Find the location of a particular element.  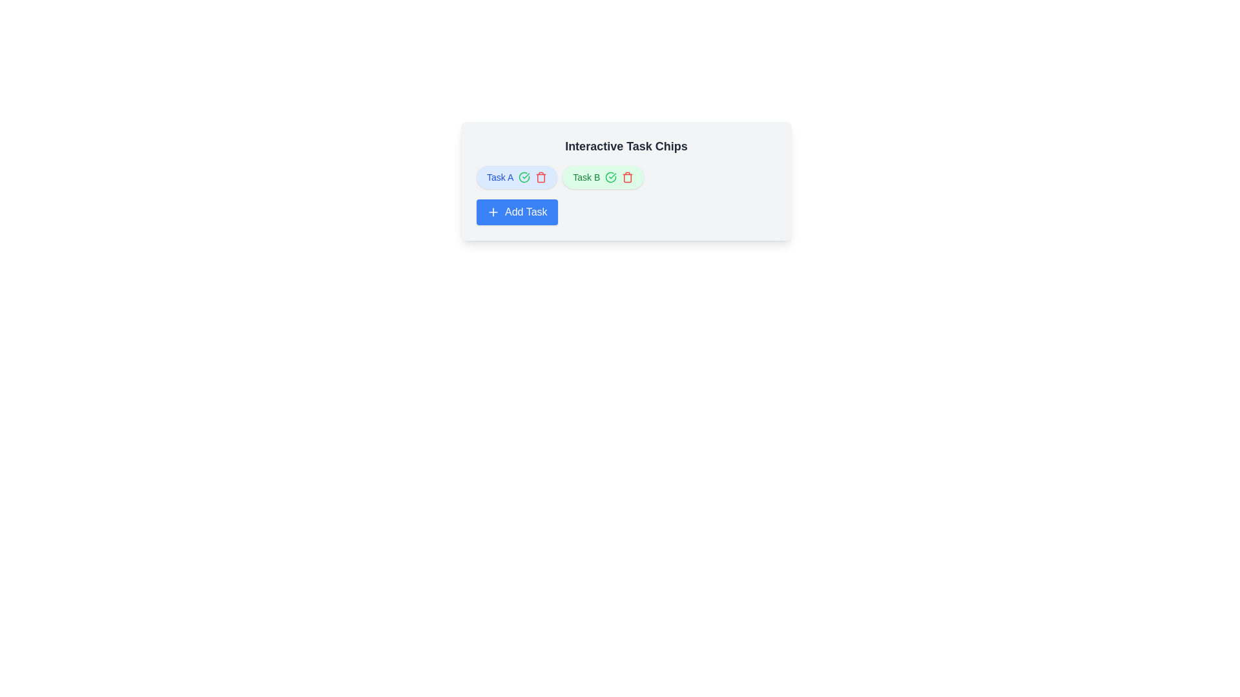

the text label displaying 'Task B', which is styled in green and is part of a task chip with a light green background is located at coordinates (586, 177).